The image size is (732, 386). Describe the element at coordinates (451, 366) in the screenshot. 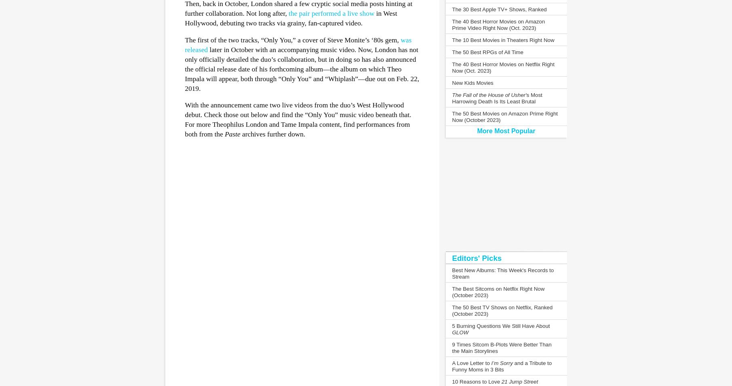

I see `'and a Tribute to Funny Moms in 3 Bits'` at that location.